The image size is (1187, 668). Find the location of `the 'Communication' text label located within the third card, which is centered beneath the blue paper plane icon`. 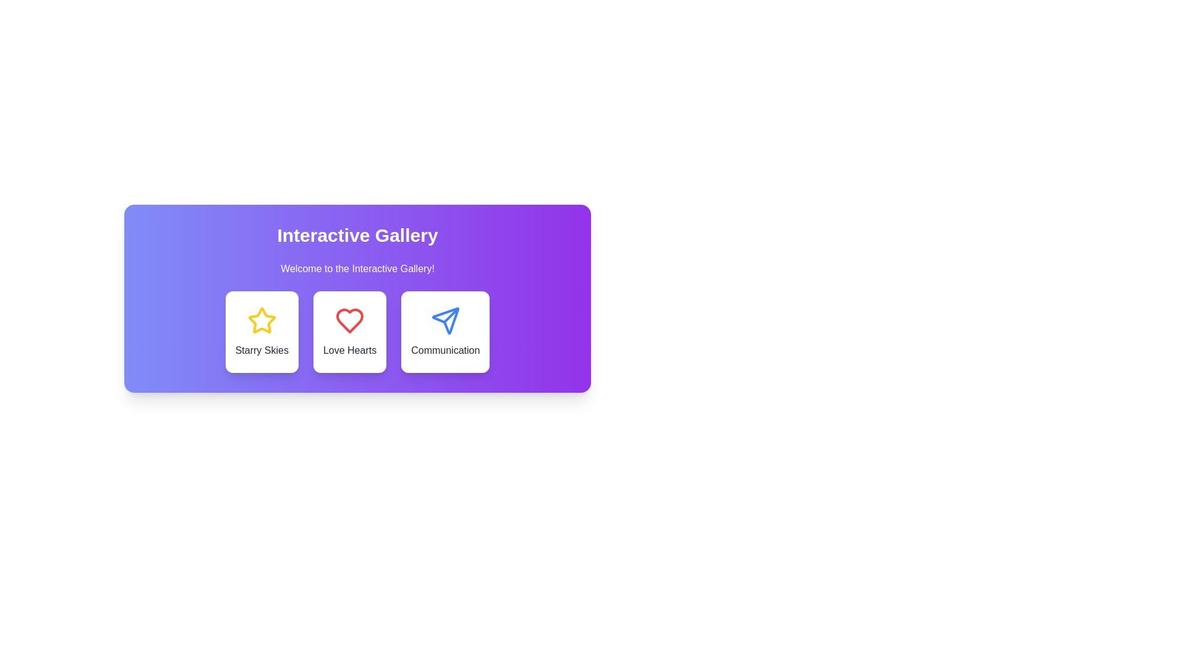

the 'Communication' text label located within the third card, which is centered beneath the blue paper plane icon is located at coordinates (445, 351).